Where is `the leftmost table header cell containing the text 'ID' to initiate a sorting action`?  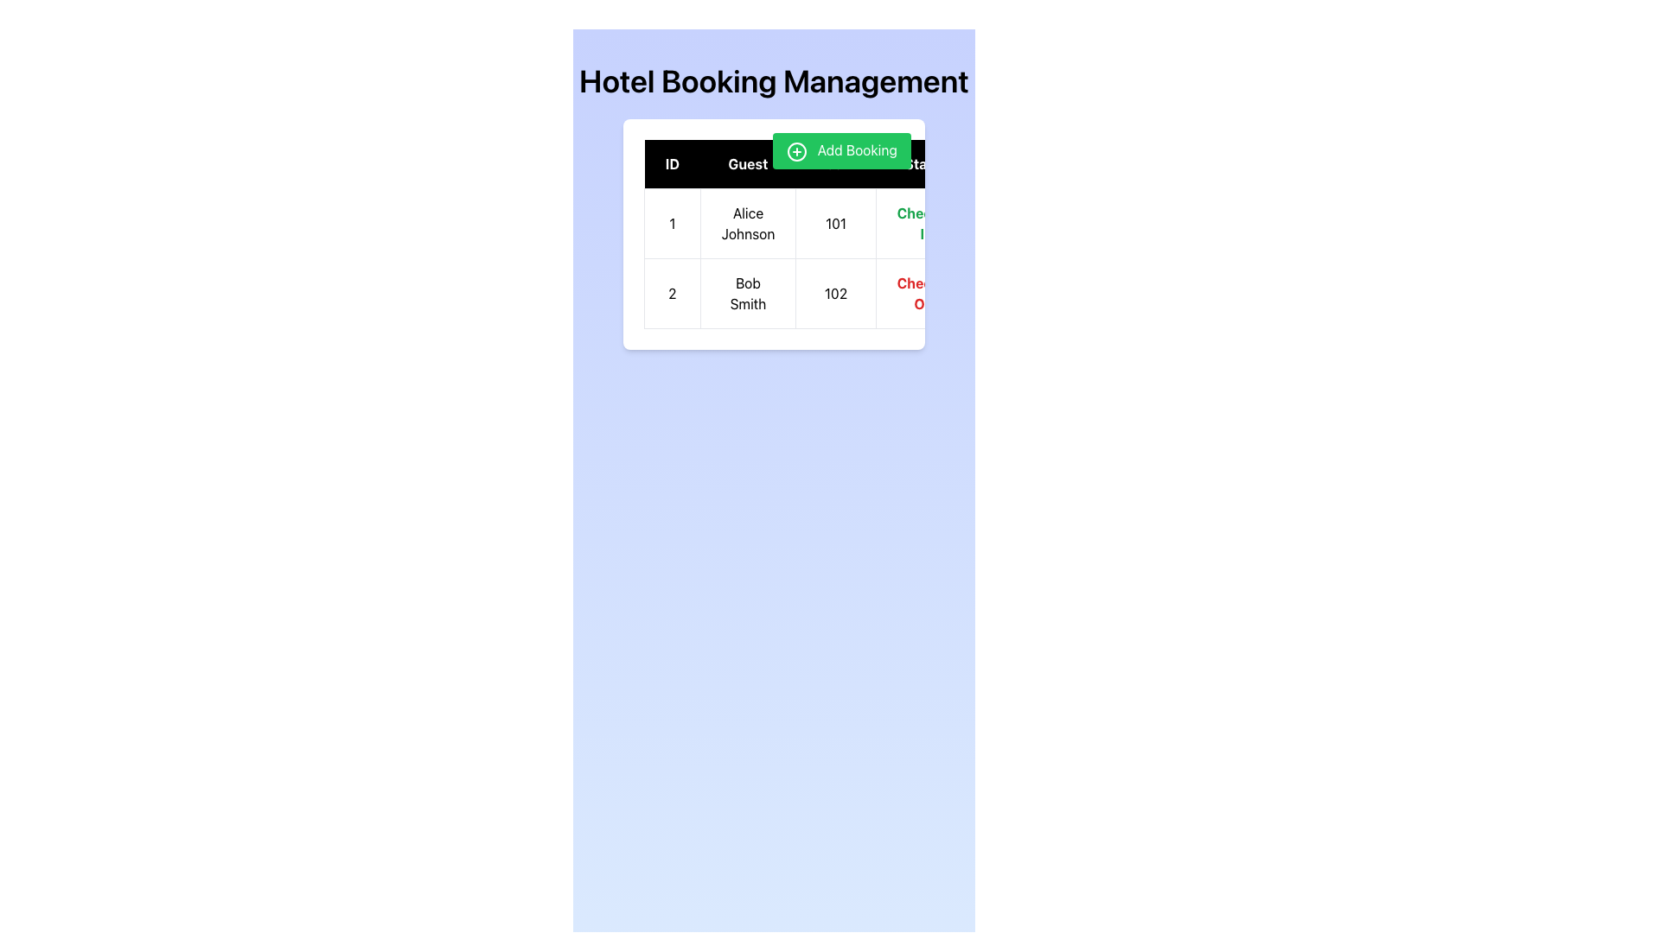 the leftmost table header cell containing the text 'ID' to initiate a sorting action is located at coordinates (671, 164).